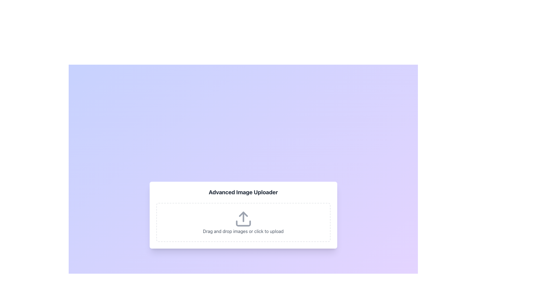 This screenshot has width=536, height=301. What do you see at coordinates (243, 223) in the screenshot?
I see `the decorative element within the SVG icon that represents the base of the uploading tray, located at the bottom of the icon` at bounding box center [243, 223].